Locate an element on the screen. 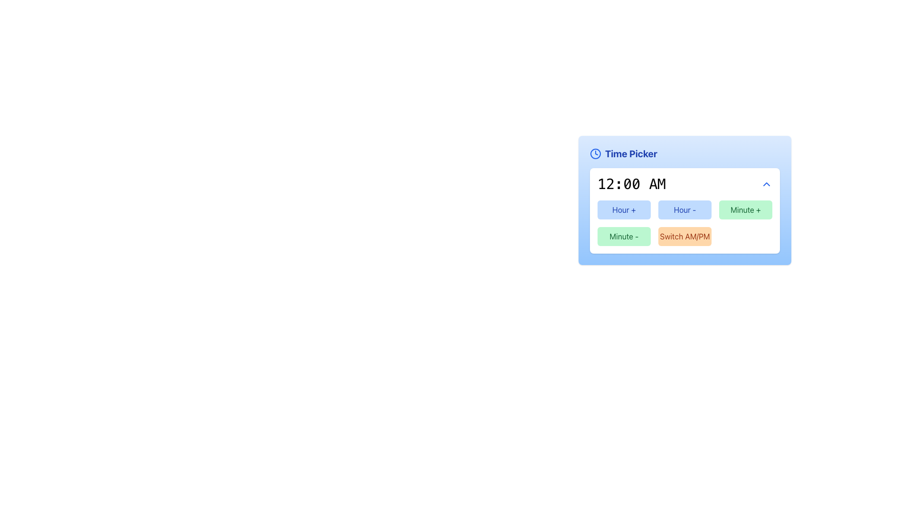 The width and height of the screenshot is (912, 513). the 'Hour -' button in the time picker interface is located at coordinates (684, 209).